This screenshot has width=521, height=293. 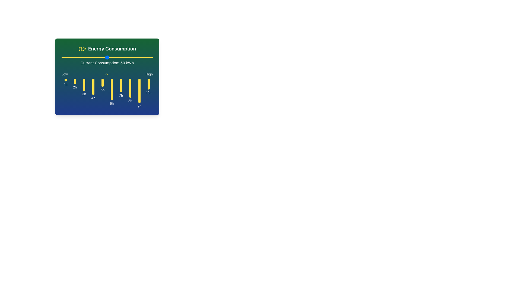 What do you see at coordinates (130, 58) in the screenshot?
I see `current consumption` at bounding box center [130, 58].